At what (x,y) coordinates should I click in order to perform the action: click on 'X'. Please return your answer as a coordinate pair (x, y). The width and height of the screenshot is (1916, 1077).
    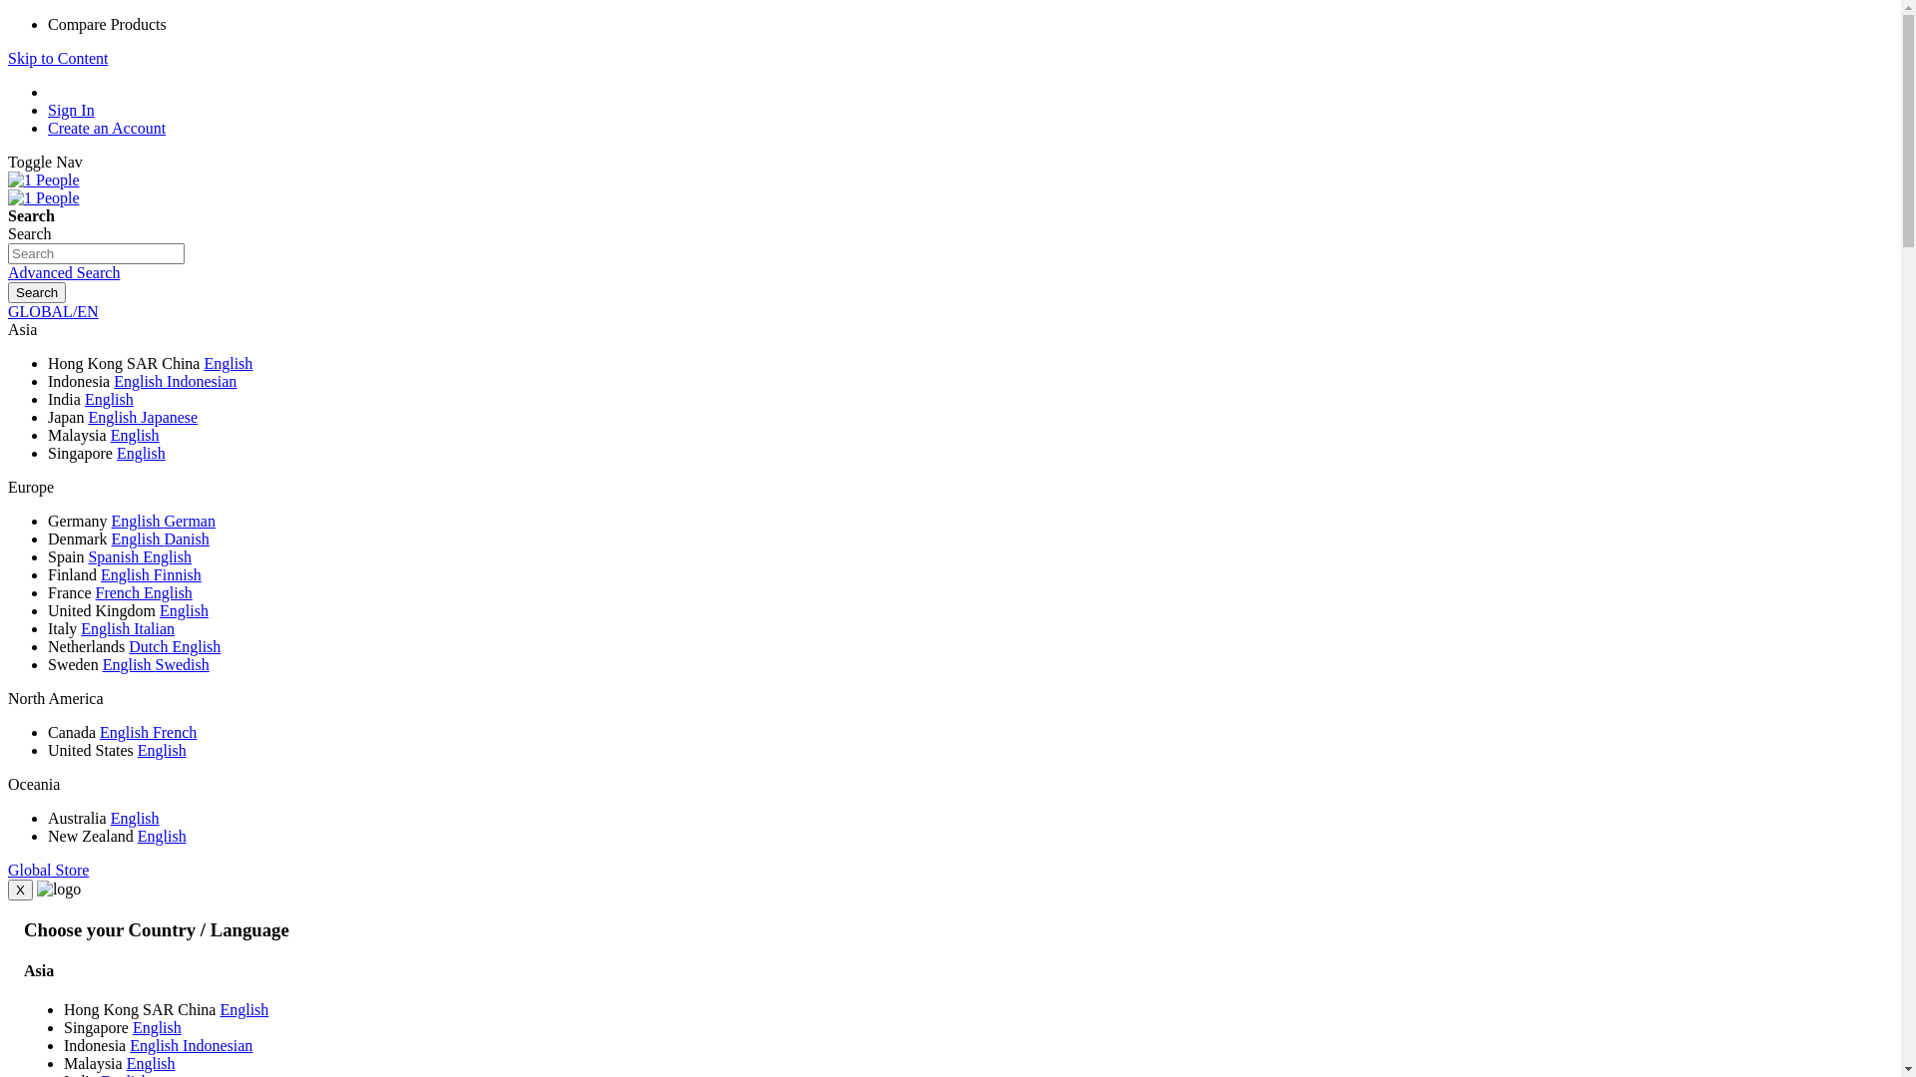
    Looking at the image, I should click on (20, 889).